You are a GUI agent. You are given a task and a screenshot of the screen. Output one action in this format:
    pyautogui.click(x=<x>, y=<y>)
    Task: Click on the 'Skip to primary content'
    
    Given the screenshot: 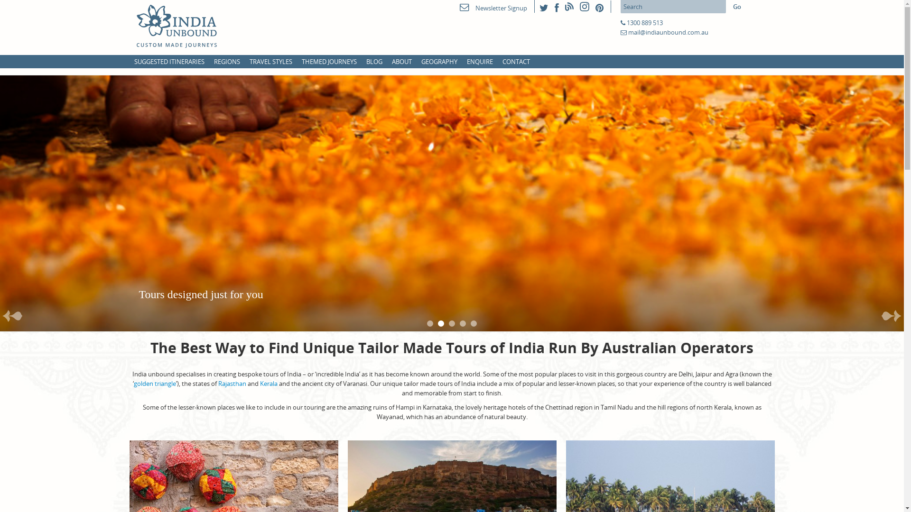 What is the action you would take?
    pyautogui.click(x=0, y=5)
    